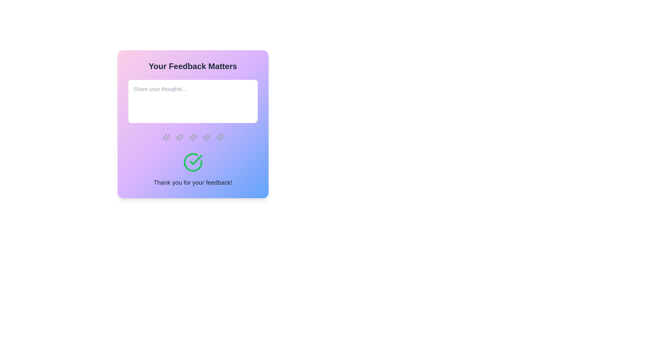  What do you see at coordinates (166, 137) in the screenshot?
I see `the first interactive icon with a sparkle/starburst design, located below the text input field` at bounding box center [166, 137].